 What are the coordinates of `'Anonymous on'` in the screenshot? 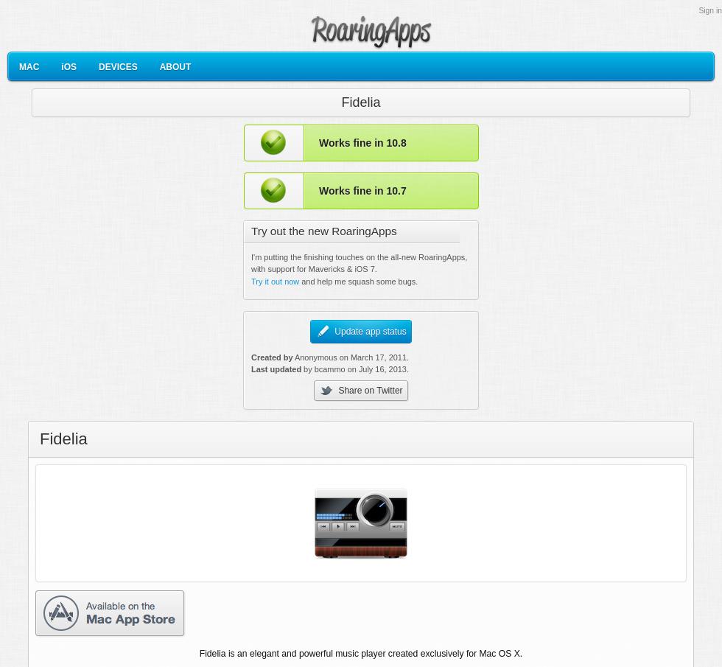 It's located at (321, 357).